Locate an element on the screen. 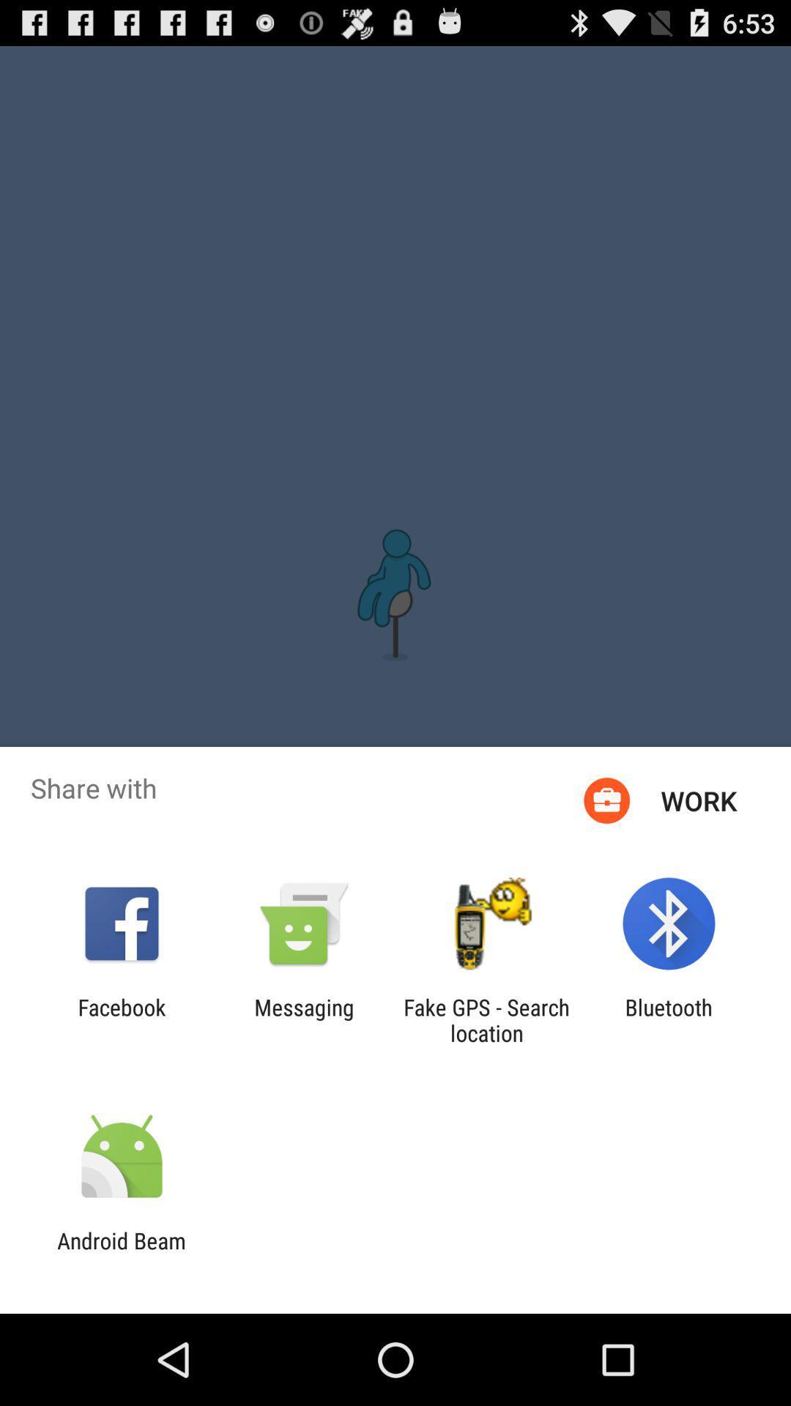 This screenshot has width=791, height=1406. app to the left of the bluetooth icon is located at coordinates (486, 1019).